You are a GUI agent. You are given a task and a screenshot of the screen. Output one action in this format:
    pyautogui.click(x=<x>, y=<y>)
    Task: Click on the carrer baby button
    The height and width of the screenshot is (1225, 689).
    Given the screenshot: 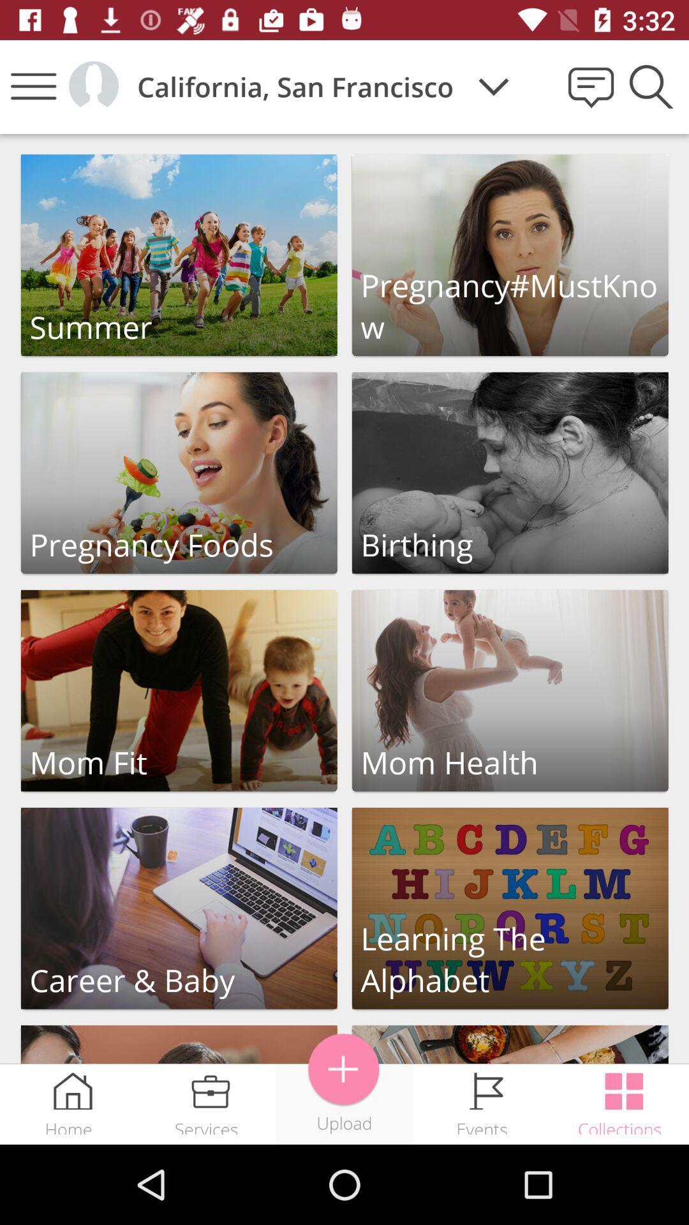 What is the action you would take?
    pyautogui.click(x=179, y=907)
    